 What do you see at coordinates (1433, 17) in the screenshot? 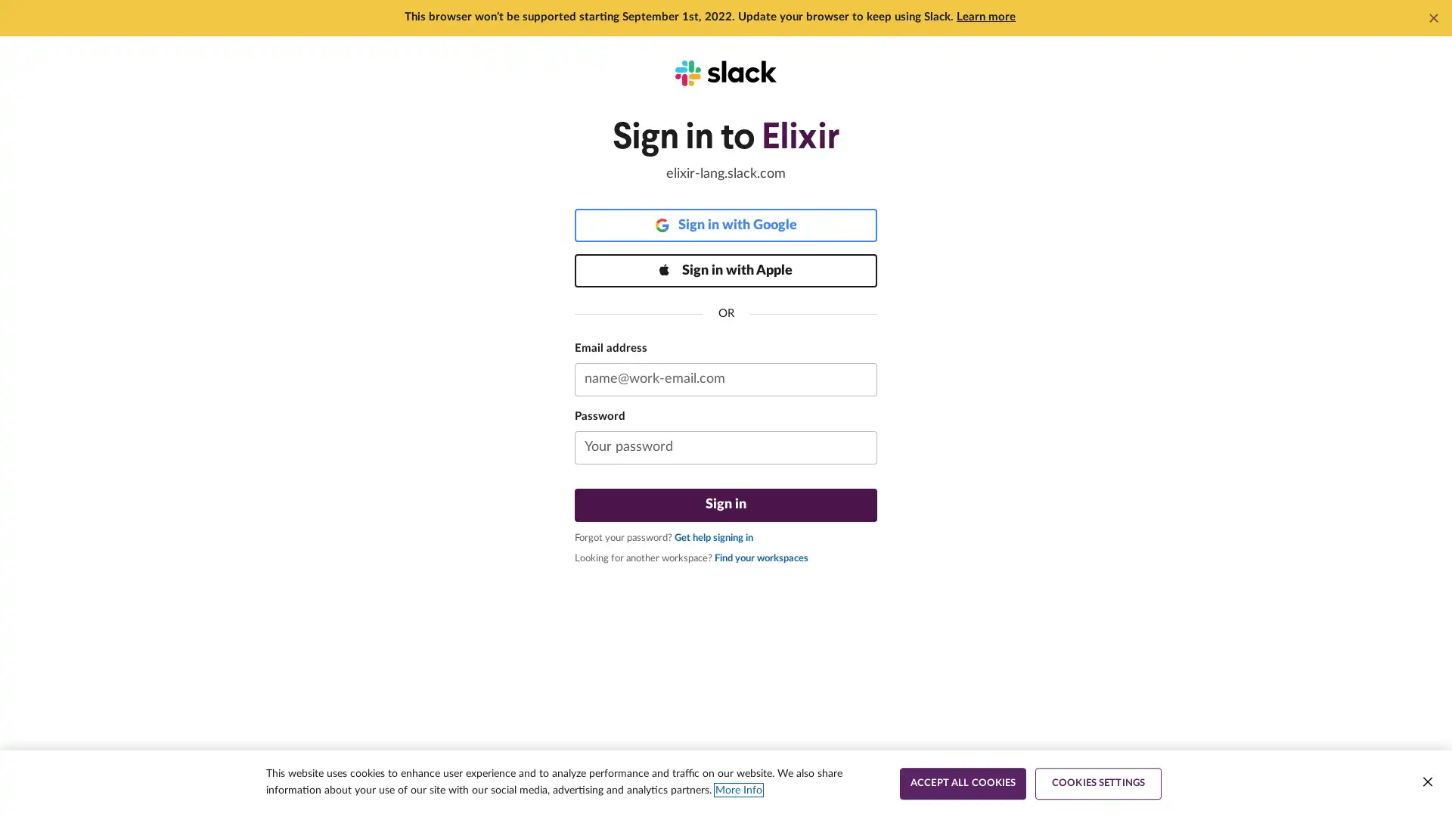
I see `Dismiss` at bounding box center [1433, 17].